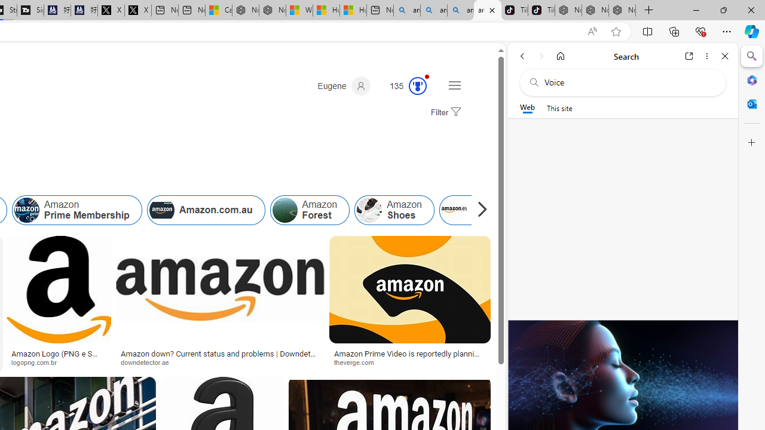 The height and width of the screenshot is (430, 765). What do you see at coordinates (76, 210) in the screenshot?
I see `'Amazon Prime Membership'` at bounding box center [76, 210].